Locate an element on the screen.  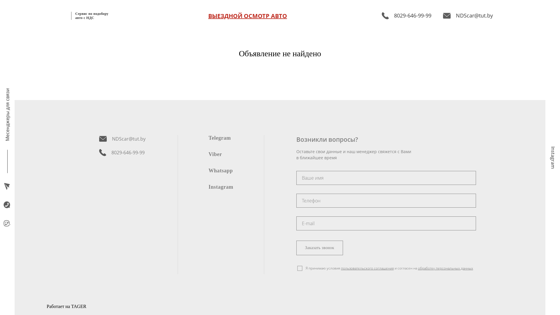
'Telegram' is located at coordinates (219, 137).